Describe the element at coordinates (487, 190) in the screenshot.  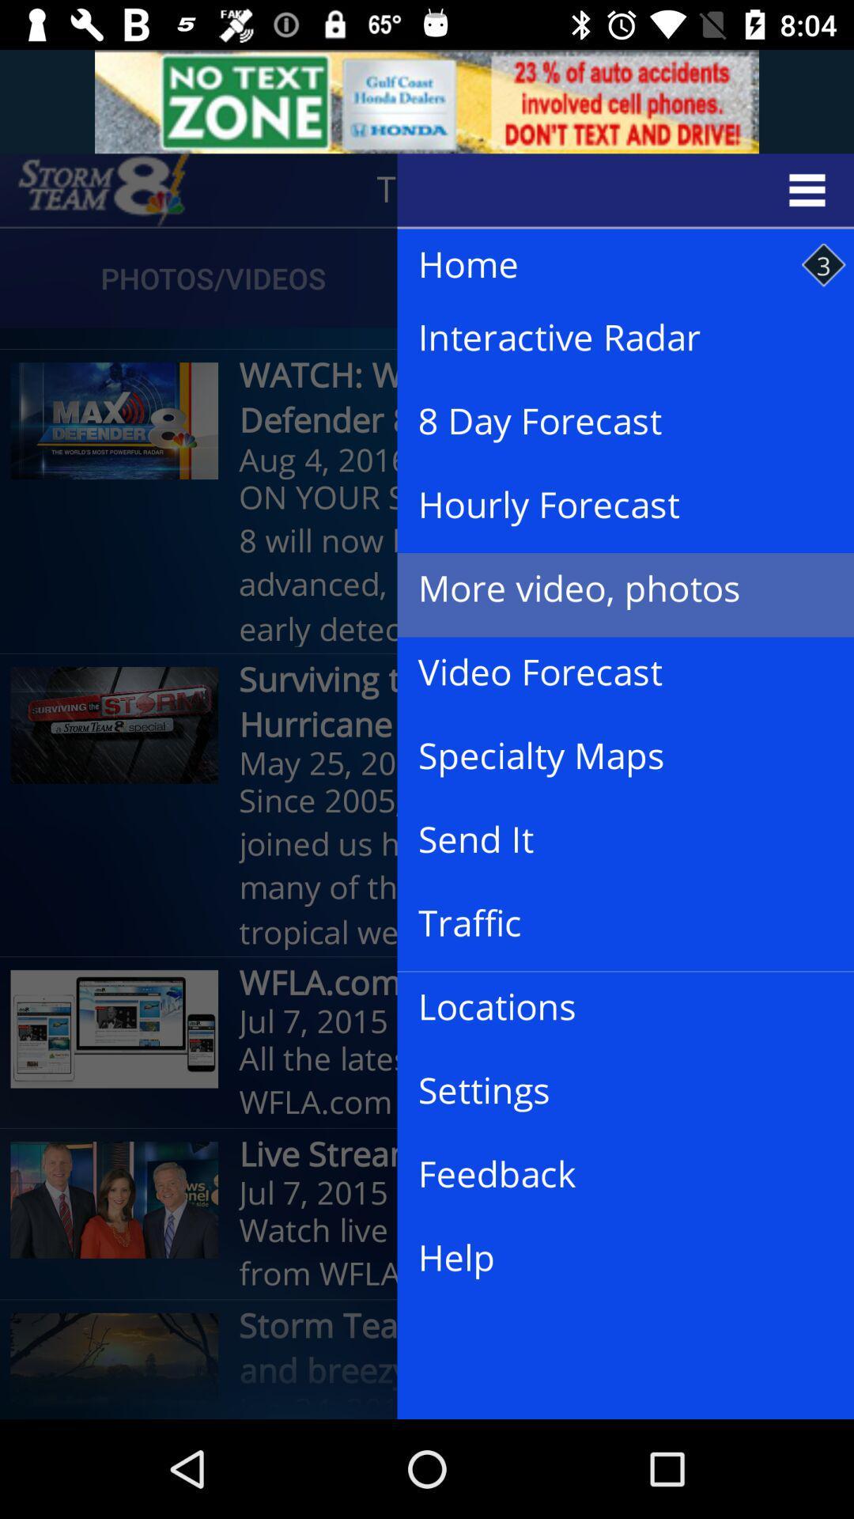
I see `tampa, fl icon` at that location.